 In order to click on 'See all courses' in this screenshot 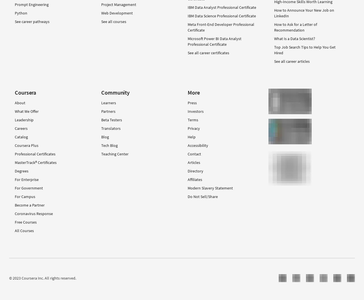, I will do `click(114, 21)`.